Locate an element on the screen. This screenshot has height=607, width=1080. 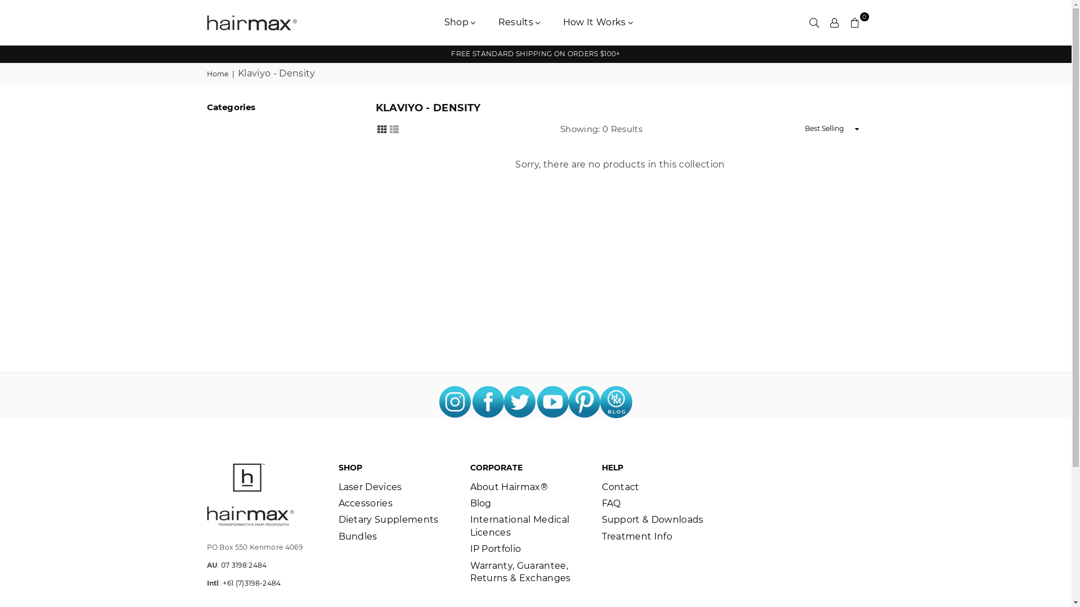
'International Medical Licences' is located at coordinates (519, 526).